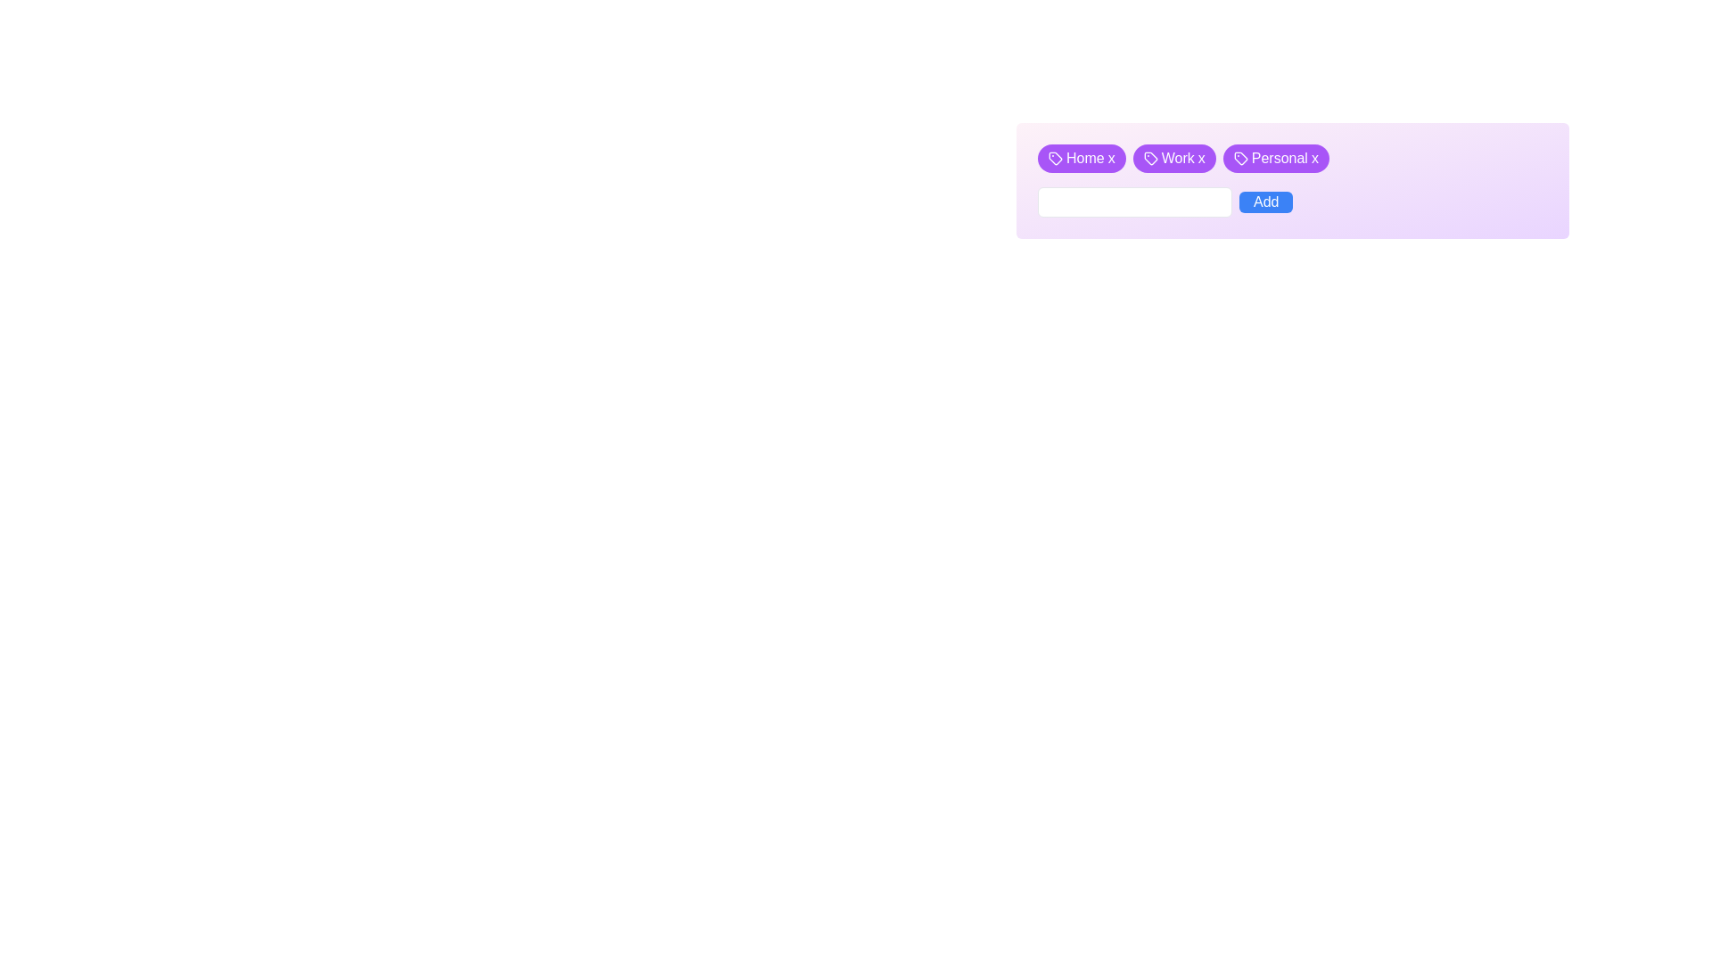  Describe the element at coordinates (1279, 157) in the screenshot. I see `the 'Personal' label embedded in the third button located in the top-right corner of the interface, which is positioned between the 'Work' button and the close 'x' button` at that location.